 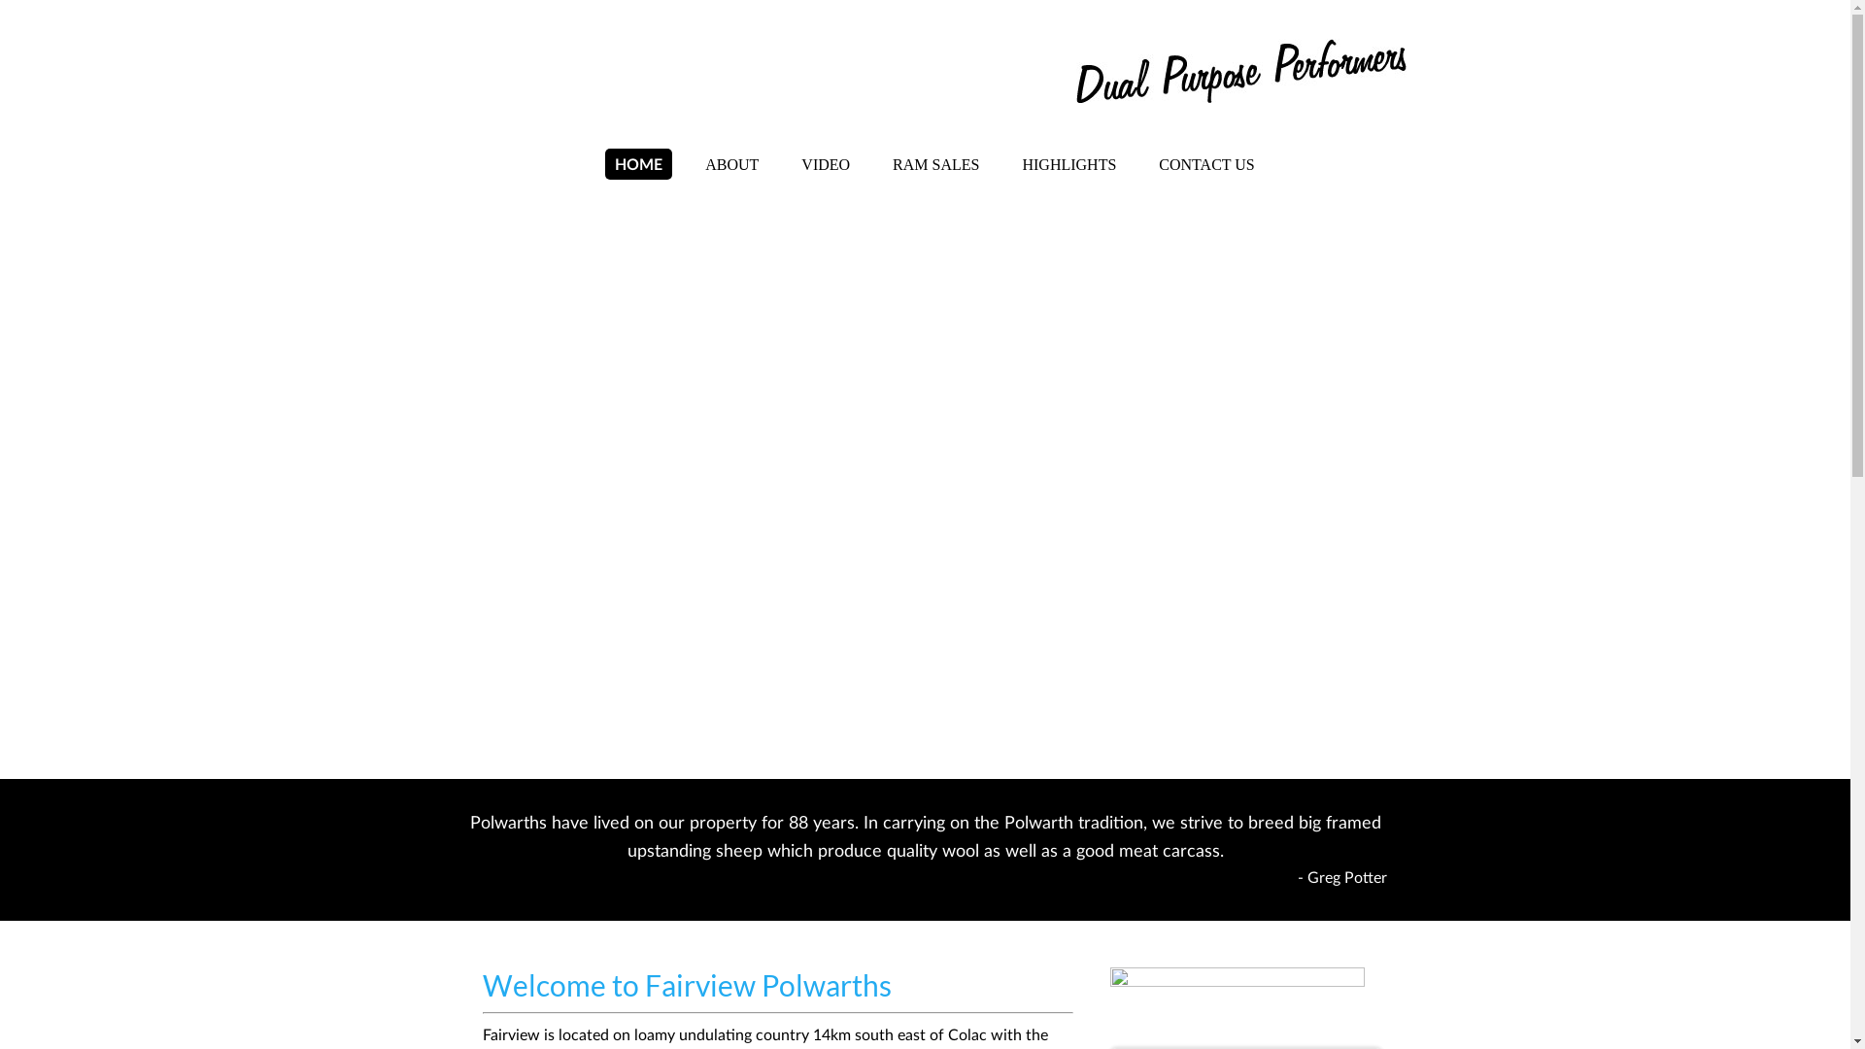 What do you see at coordinates (792, 163) in the screenshot?
I see `'VIDEO'` at bounding box center [792, 163].